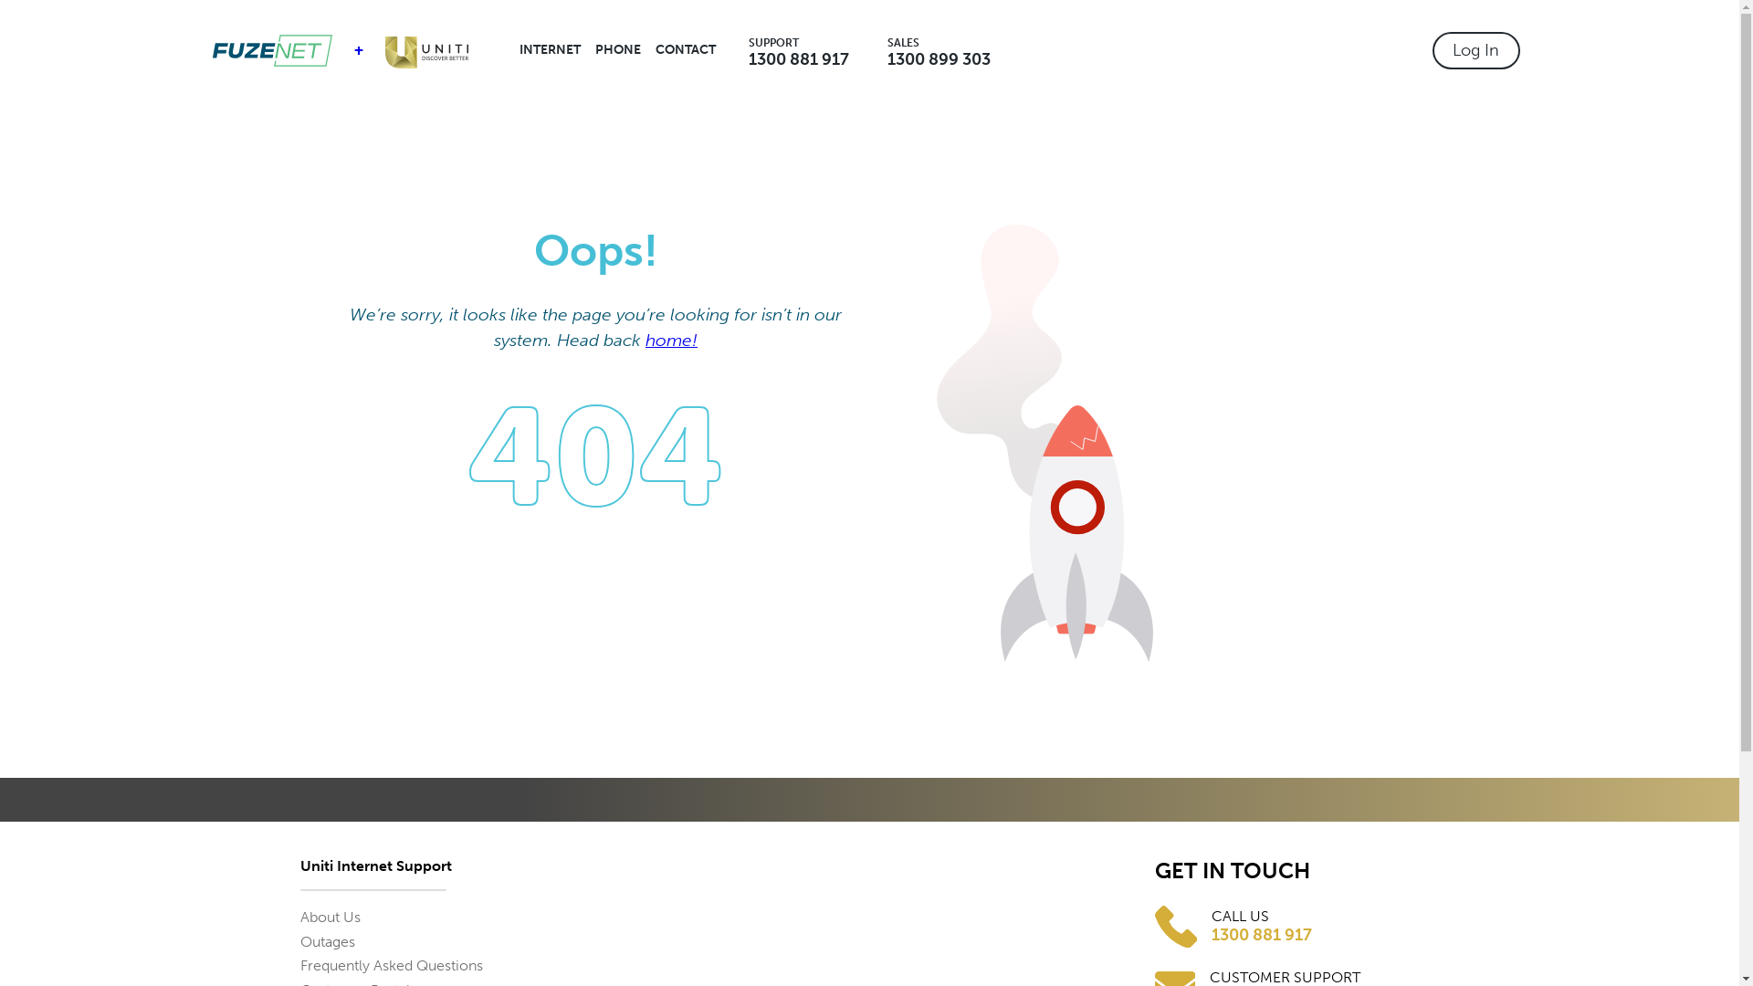 This screenshot has height=986, width=1753. I want to click on 'Frequently Asked Questions', so click(389, 964).